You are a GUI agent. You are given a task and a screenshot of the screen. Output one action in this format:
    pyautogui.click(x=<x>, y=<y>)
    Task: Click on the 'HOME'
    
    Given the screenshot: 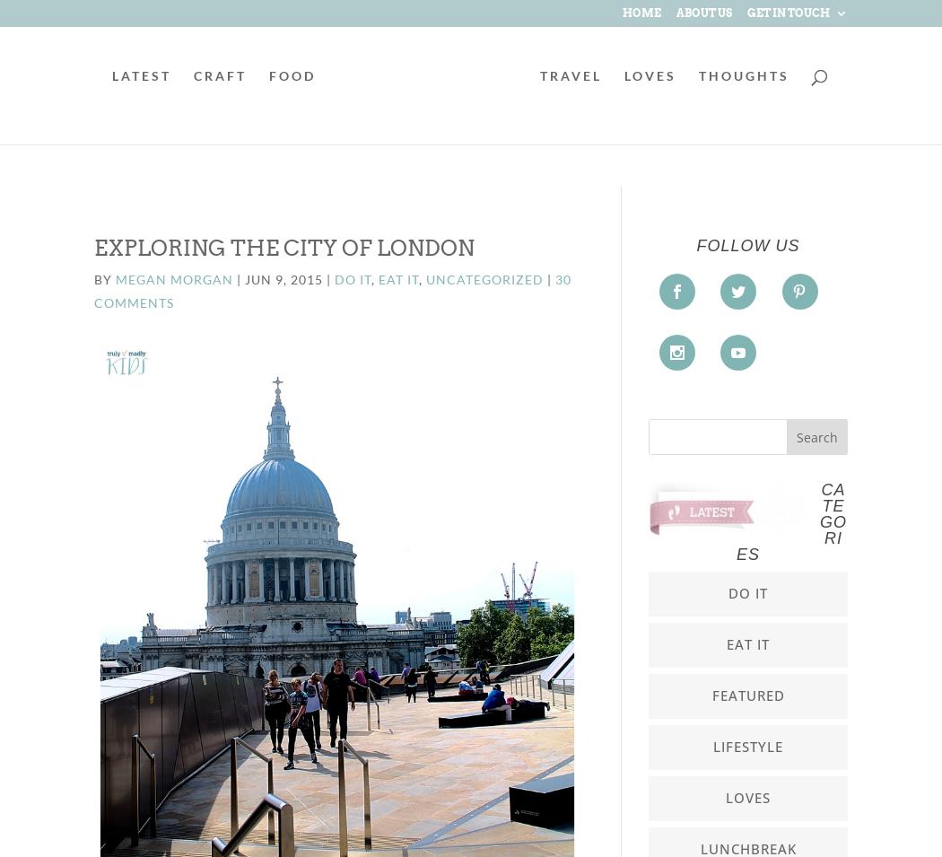 What is the action you would take?
    pyautogui.click(x=641, y=12)
    